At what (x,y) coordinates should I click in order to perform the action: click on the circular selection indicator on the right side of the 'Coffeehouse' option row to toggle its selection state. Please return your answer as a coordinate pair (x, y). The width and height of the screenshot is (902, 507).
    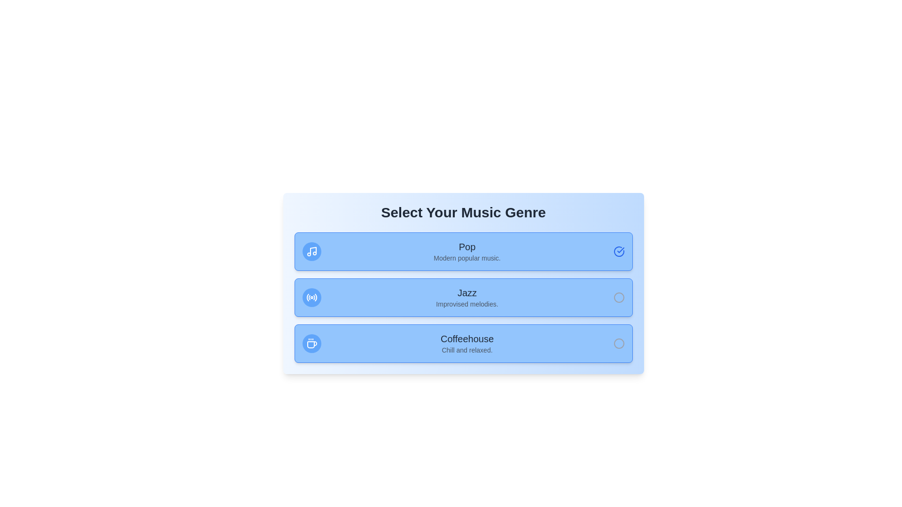
    Looking at the image, I should click on (619, 344).